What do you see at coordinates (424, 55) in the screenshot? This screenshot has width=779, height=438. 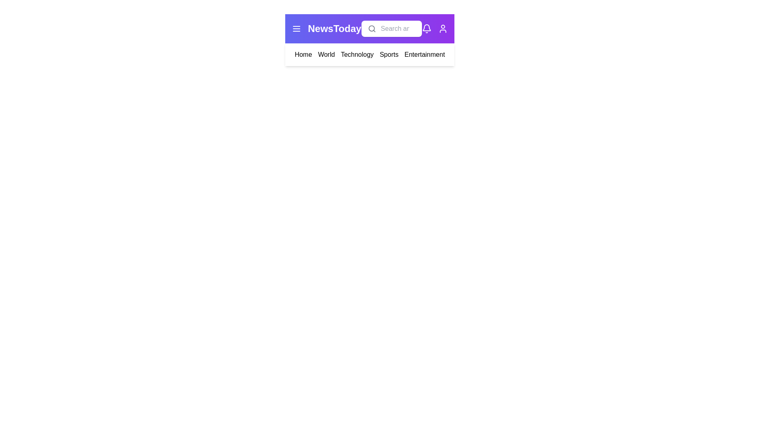 I see `the navigation link for Entertainment` at bounding box center [424, 55].